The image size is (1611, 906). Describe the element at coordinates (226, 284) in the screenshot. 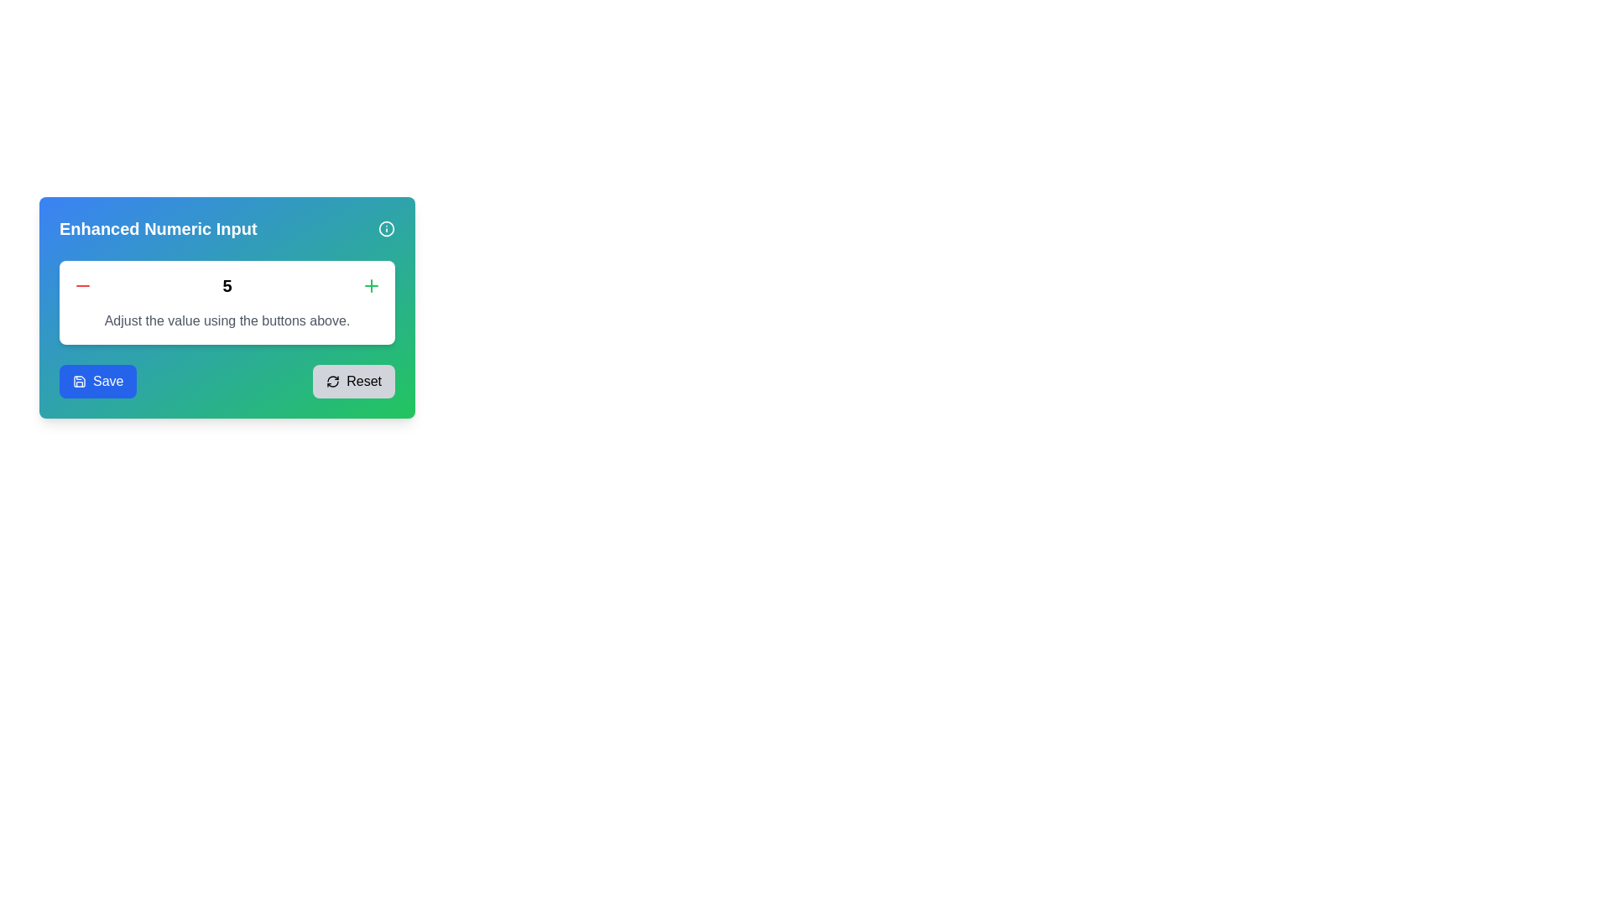

I see `the bold, black numeral '5' displayed prominently between the decrement button '-' and increment button '+' in the 'Enhanced Numeric Input' panel` at that location.